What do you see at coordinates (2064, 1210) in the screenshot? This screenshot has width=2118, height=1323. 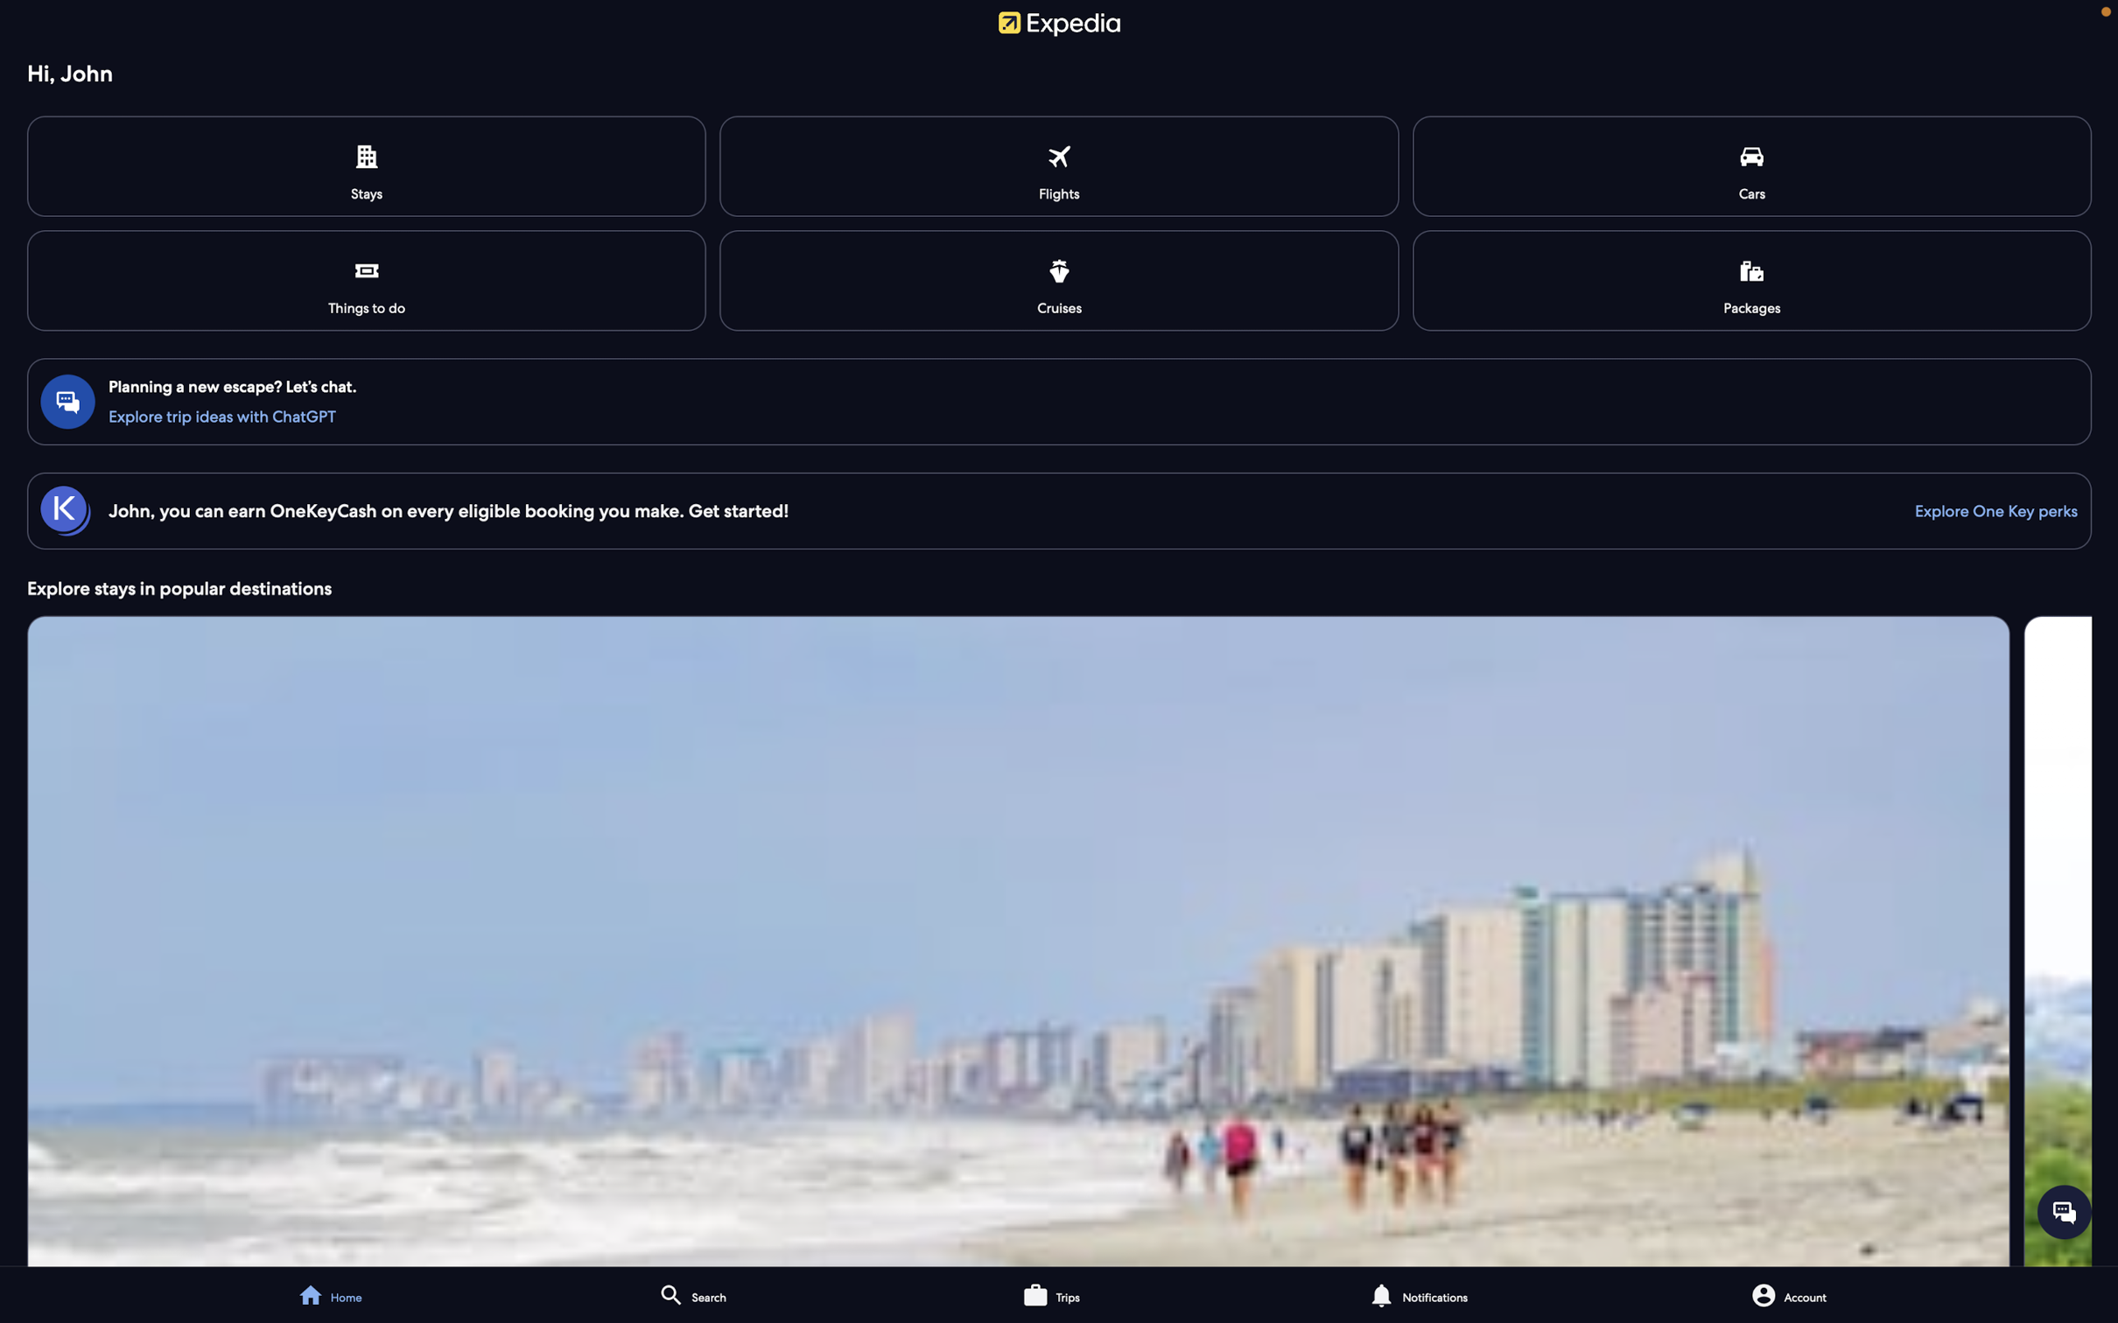 I see `Click the icon to chat with virtual agent` at bounding box center [2064, 1210].